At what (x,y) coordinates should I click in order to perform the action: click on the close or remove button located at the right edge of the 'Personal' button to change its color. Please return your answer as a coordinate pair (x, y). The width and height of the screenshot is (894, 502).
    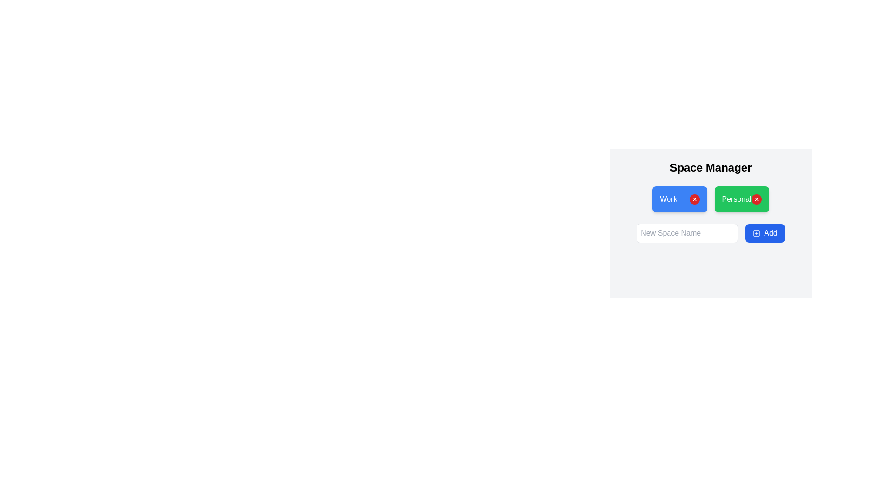
    Looking at the image, I should click on (756, 198).